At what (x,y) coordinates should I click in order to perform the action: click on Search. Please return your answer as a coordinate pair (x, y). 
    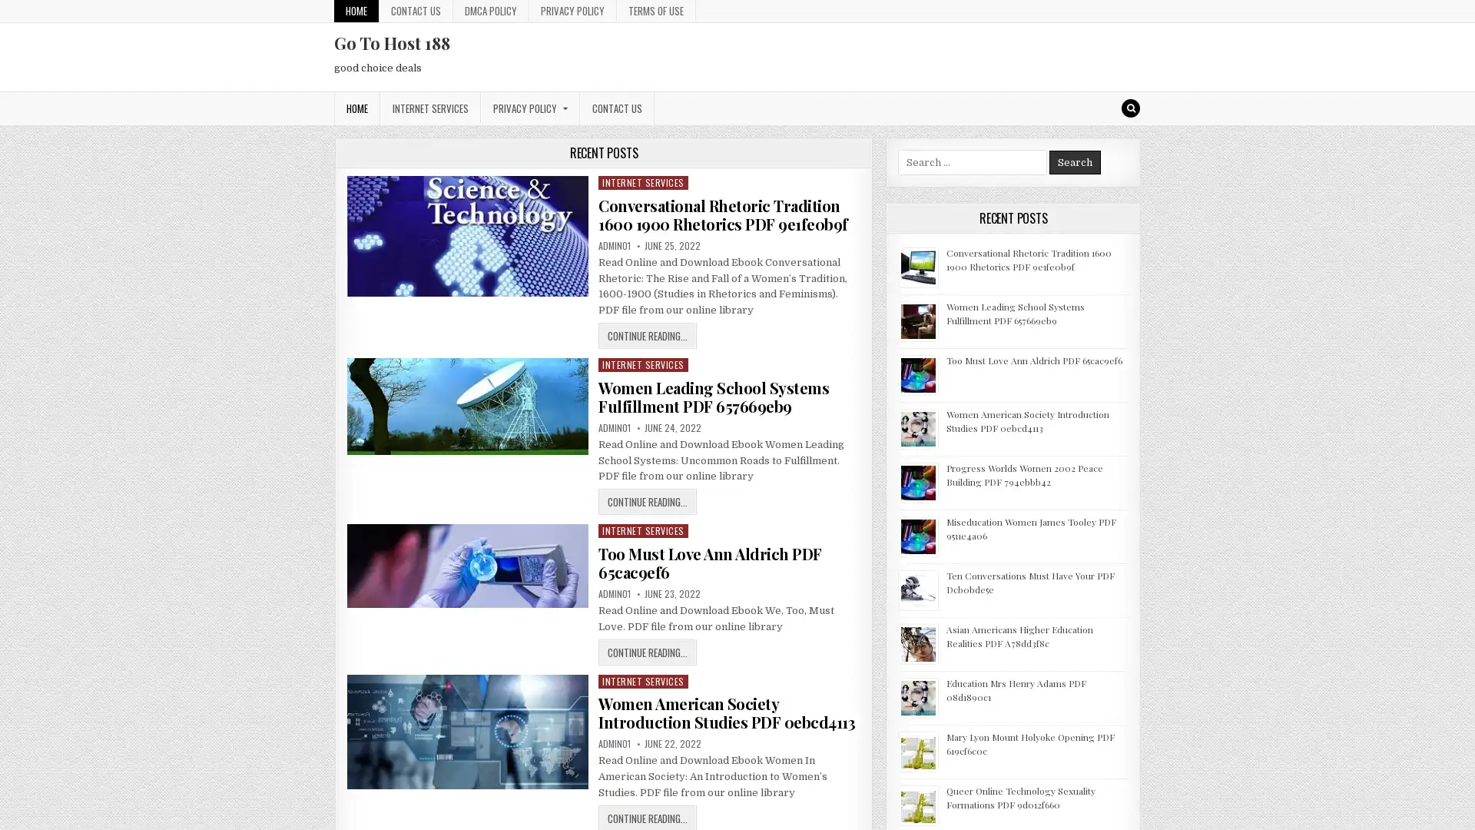
    Looking at the image, I should click on (1074, 162).